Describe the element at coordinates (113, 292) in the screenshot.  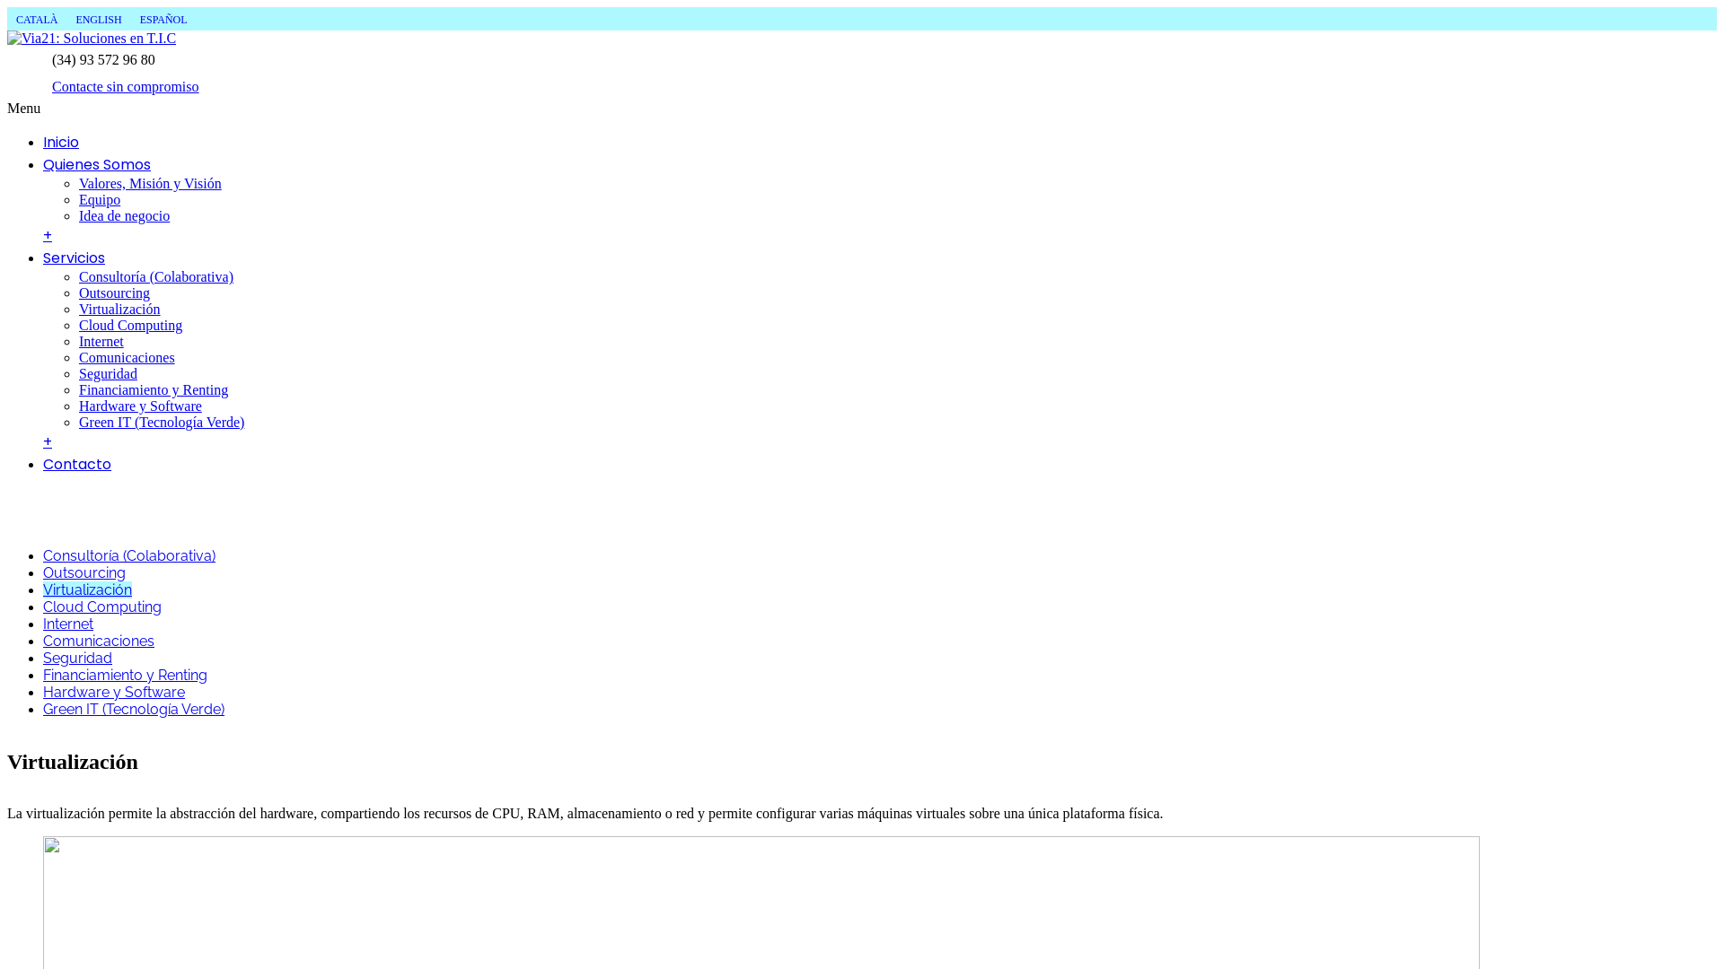
I see `'Outsourcing'` at that location.